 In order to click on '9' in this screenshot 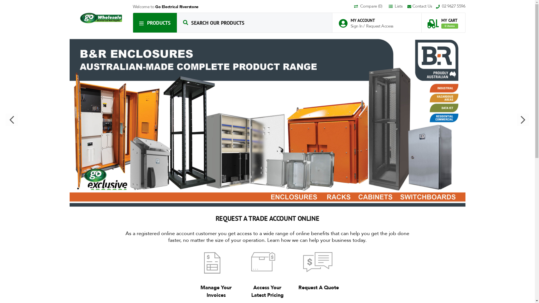, I will do `click(117, 188)`.